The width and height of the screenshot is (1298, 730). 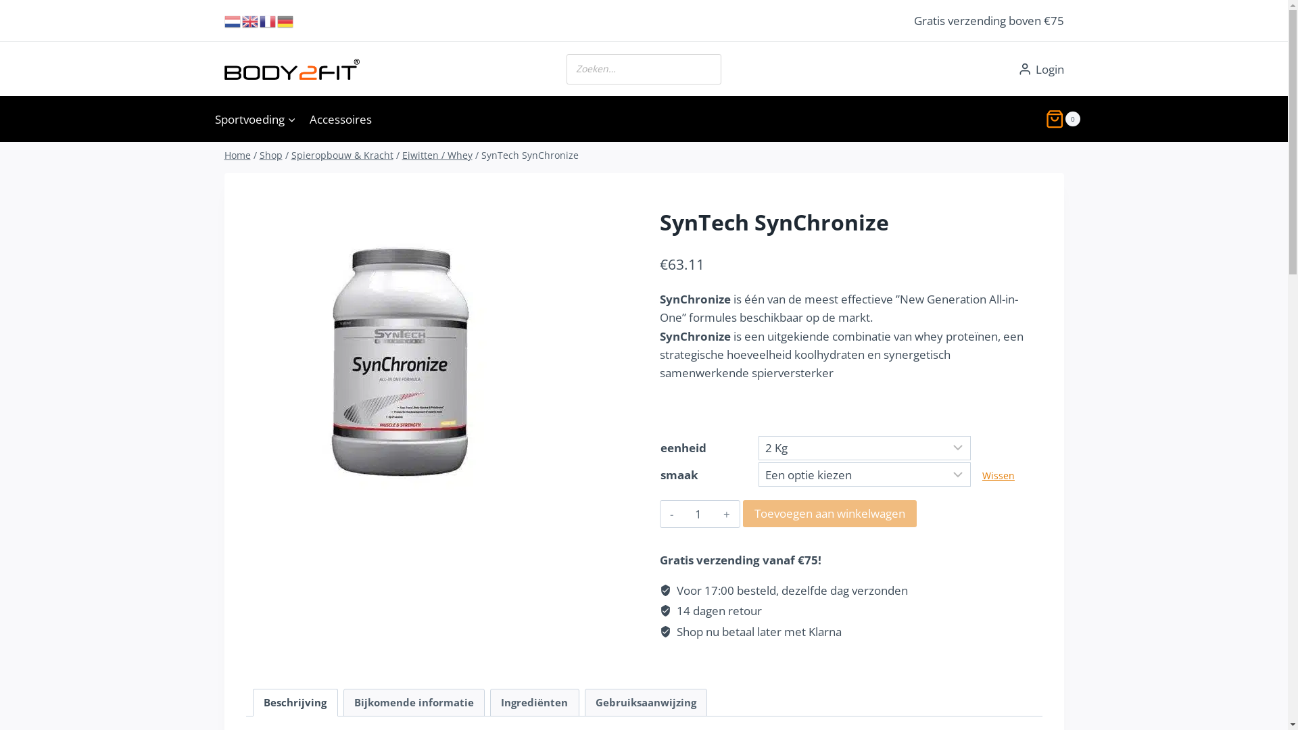 What do you see at coordinates (256, 118) in the screenshot?
I see `'Sportvoeding'` at bounding box center [256, 118].